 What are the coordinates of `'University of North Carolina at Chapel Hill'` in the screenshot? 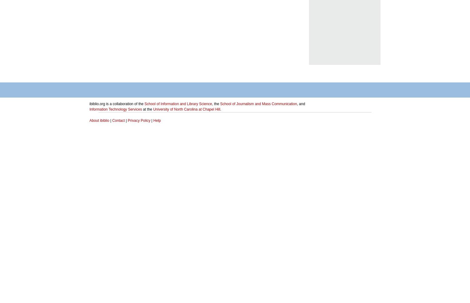 It's located at (153, 109).